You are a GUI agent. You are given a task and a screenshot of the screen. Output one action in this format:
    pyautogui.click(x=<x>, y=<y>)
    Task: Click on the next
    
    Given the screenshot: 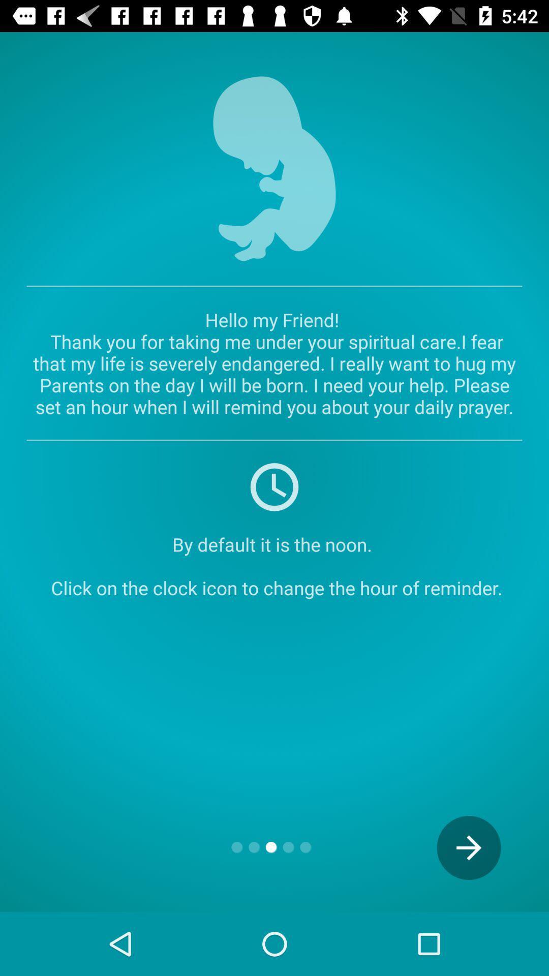 What is the action you would take?
    pyautogui.click(x=469, y=847)
    